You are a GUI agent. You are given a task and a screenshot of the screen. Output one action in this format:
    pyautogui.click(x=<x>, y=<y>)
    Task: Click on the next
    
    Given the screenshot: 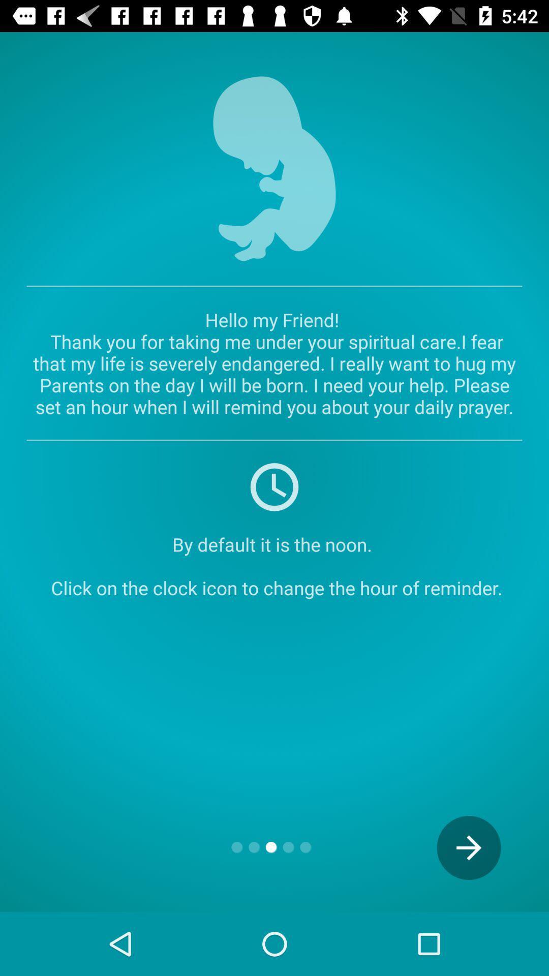 What is the action you would take?
    pyautogui.click(x=469, y=847)
    